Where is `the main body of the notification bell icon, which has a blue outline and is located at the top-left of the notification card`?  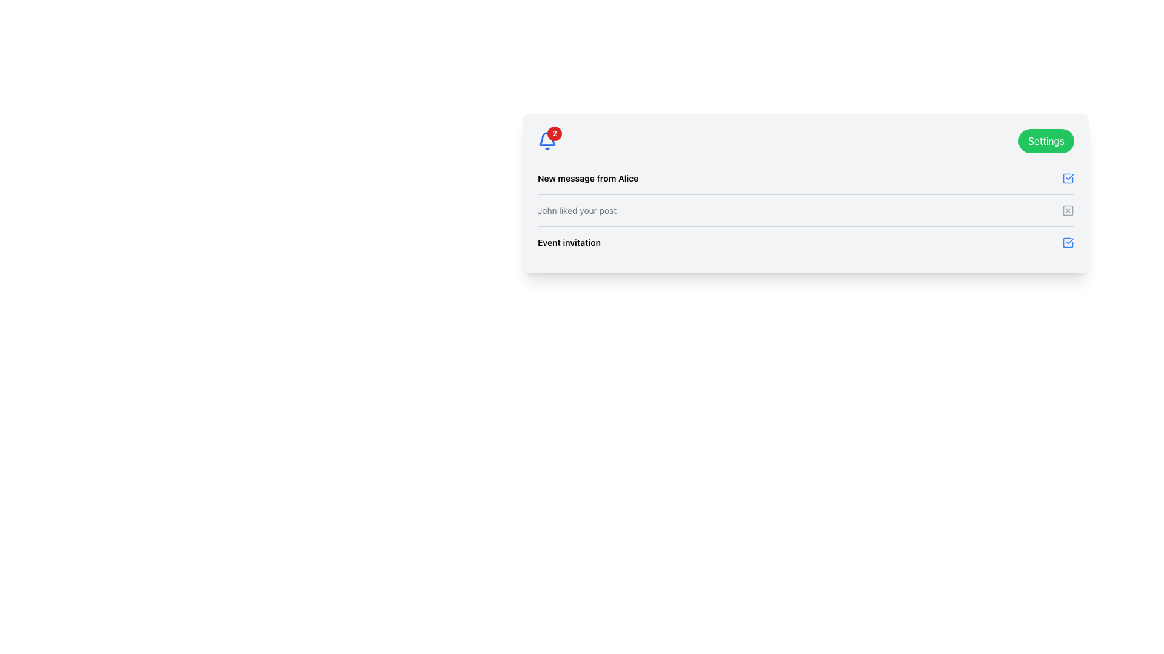 the main body of the notification bell icon, which has a blue outline and is located at the top-left of the notification card is located at coordinates (546, 138).